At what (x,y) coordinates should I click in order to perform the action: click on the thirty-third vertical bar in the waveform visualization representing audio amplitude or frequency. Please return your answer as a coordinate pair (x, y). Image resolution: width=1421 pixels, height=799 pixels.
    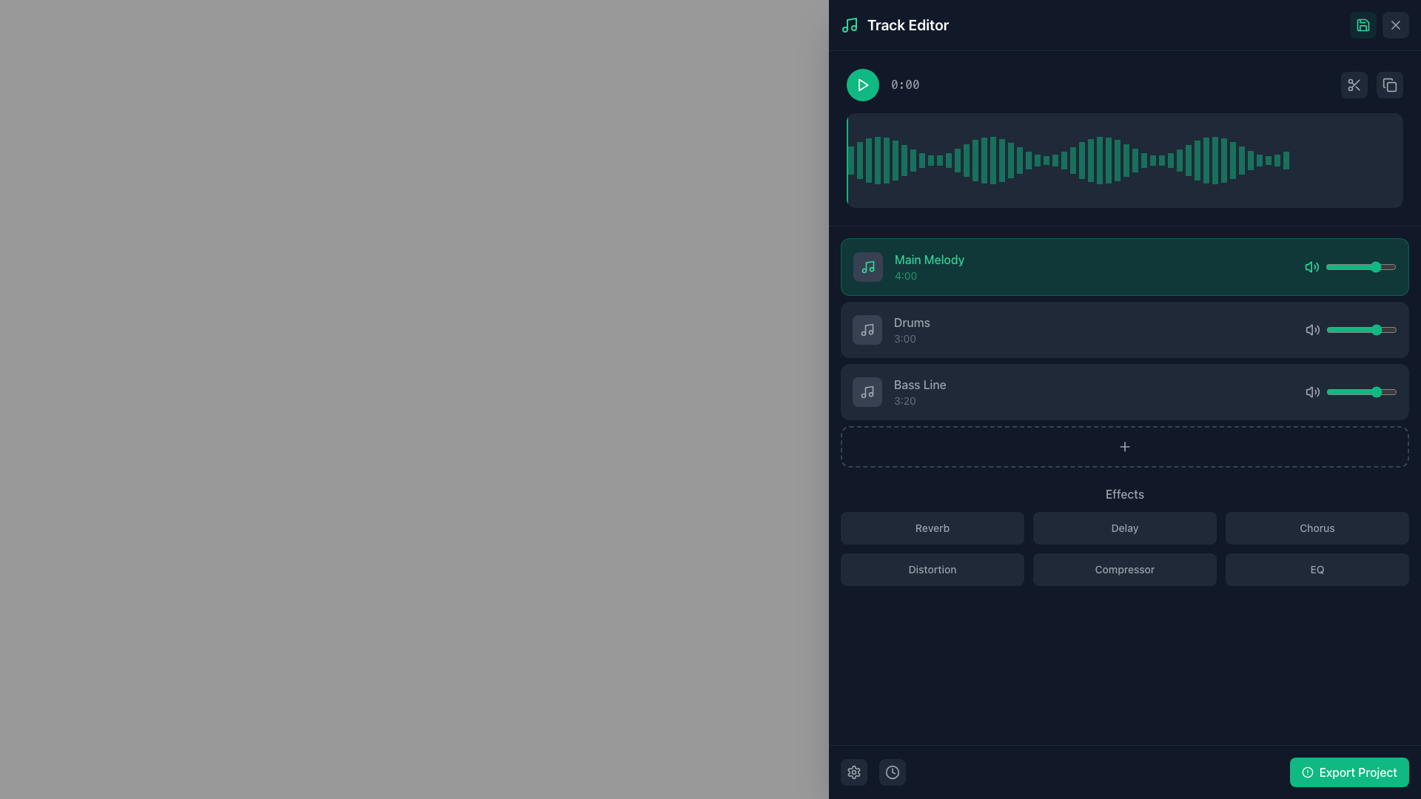
    Looking at the image, I should click on (1152, 160).